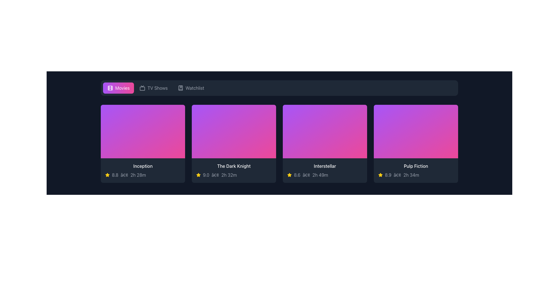 The width and height of the screenshot is (536, 301). I want to click on the text label displaying '9.0' which is positioned between a star icon and a bullet character, located in the second card under the title 'The Dark Knight', so click(206, 175).